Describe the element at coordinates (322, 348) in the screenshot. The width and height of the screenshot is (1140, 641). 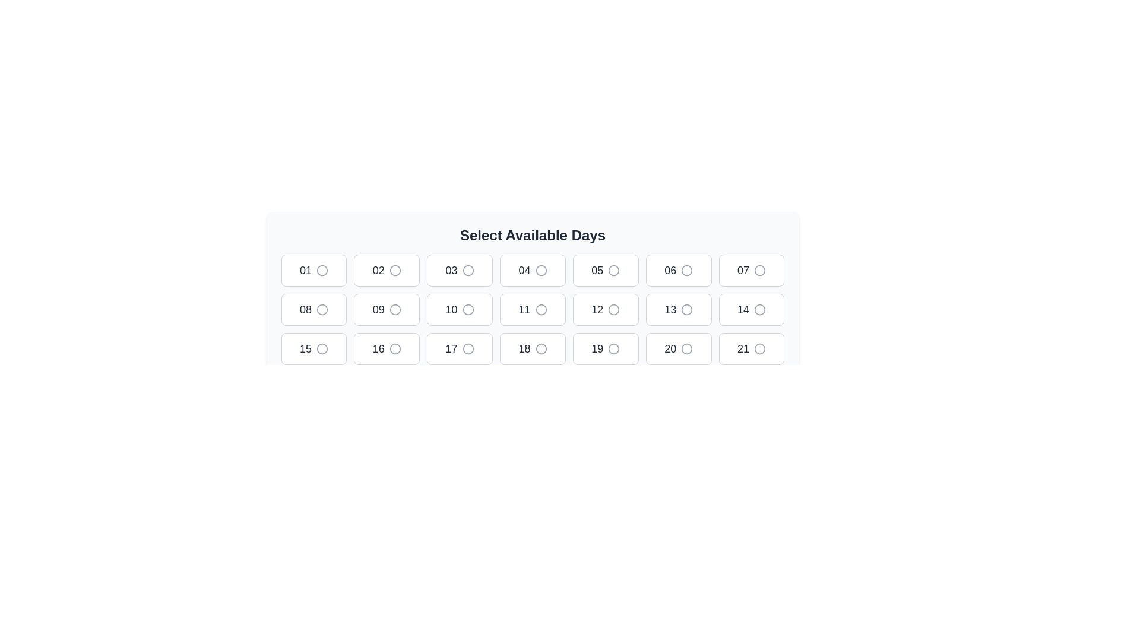
I see `the circular icon button next to the number '15' for keyboard interaction` at that location.